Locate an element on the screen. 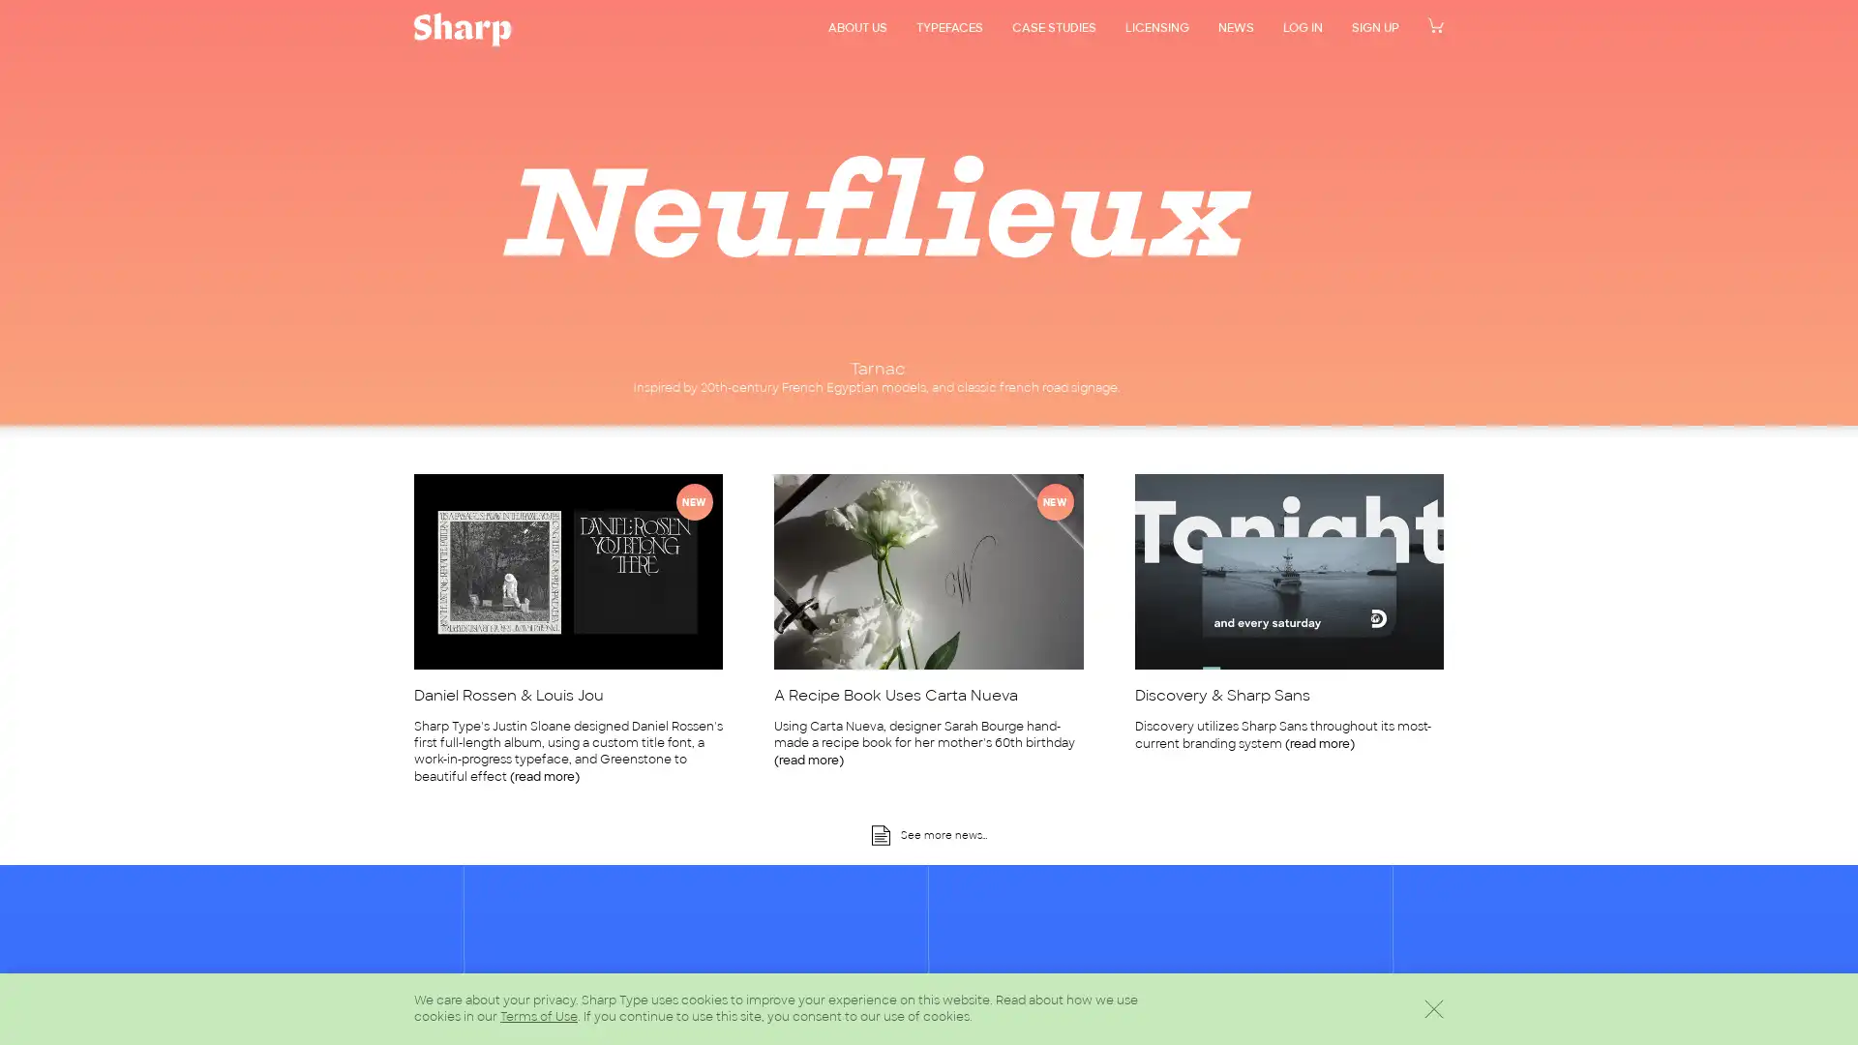  Dismiss is located at coordinates (1527, 807).